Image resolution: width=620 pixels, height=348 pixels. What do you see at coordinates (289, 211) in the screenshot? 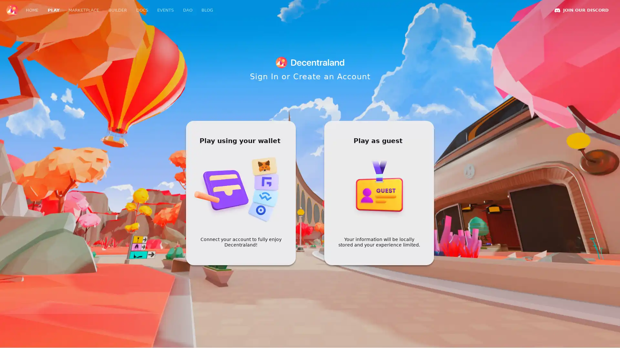
I see `RELOAD` at bounding box center [289, 211].